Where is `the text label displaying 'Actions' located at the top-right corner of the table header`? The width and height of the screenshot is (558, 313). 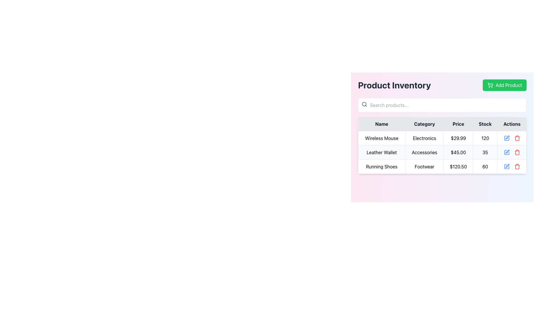 the text label displaying 'Actions' located at the top-right corner of the table header is located at coordinates (512, 124).